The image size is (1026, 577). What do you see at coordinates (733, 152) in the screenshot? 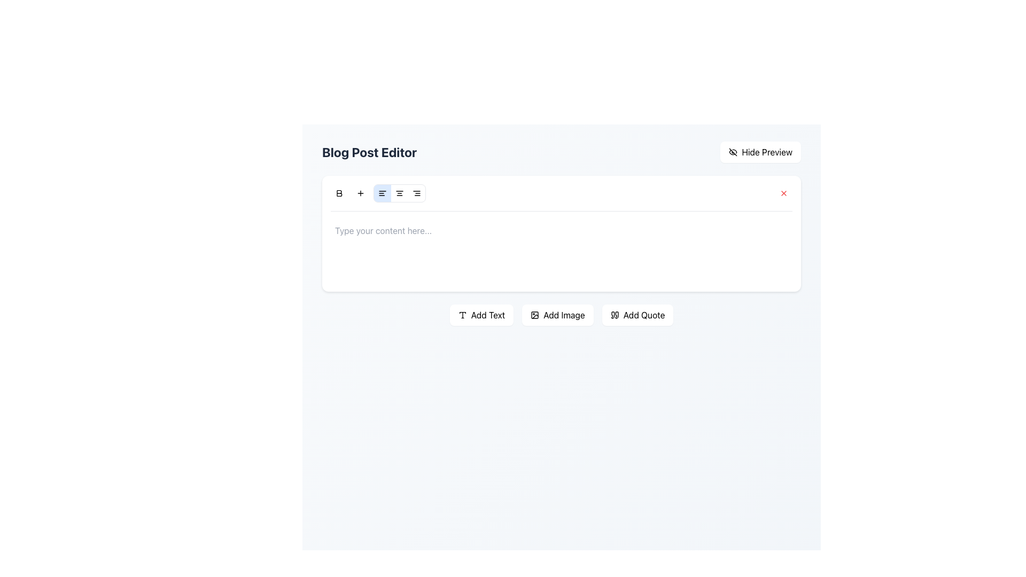
I see `the 'Hide Preview' icon located at the top-right of the interface, which visually represents the action of hiding or disabling the preview functionality` at bounding box center [733, 152].